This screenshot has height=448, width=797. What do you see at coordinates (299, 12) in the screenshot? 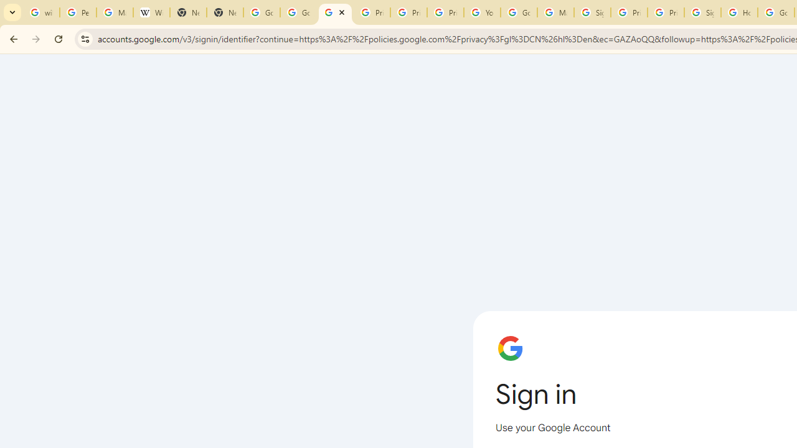
I see `'Google Drive: Sign-in'` at bounding box center [299, 12].